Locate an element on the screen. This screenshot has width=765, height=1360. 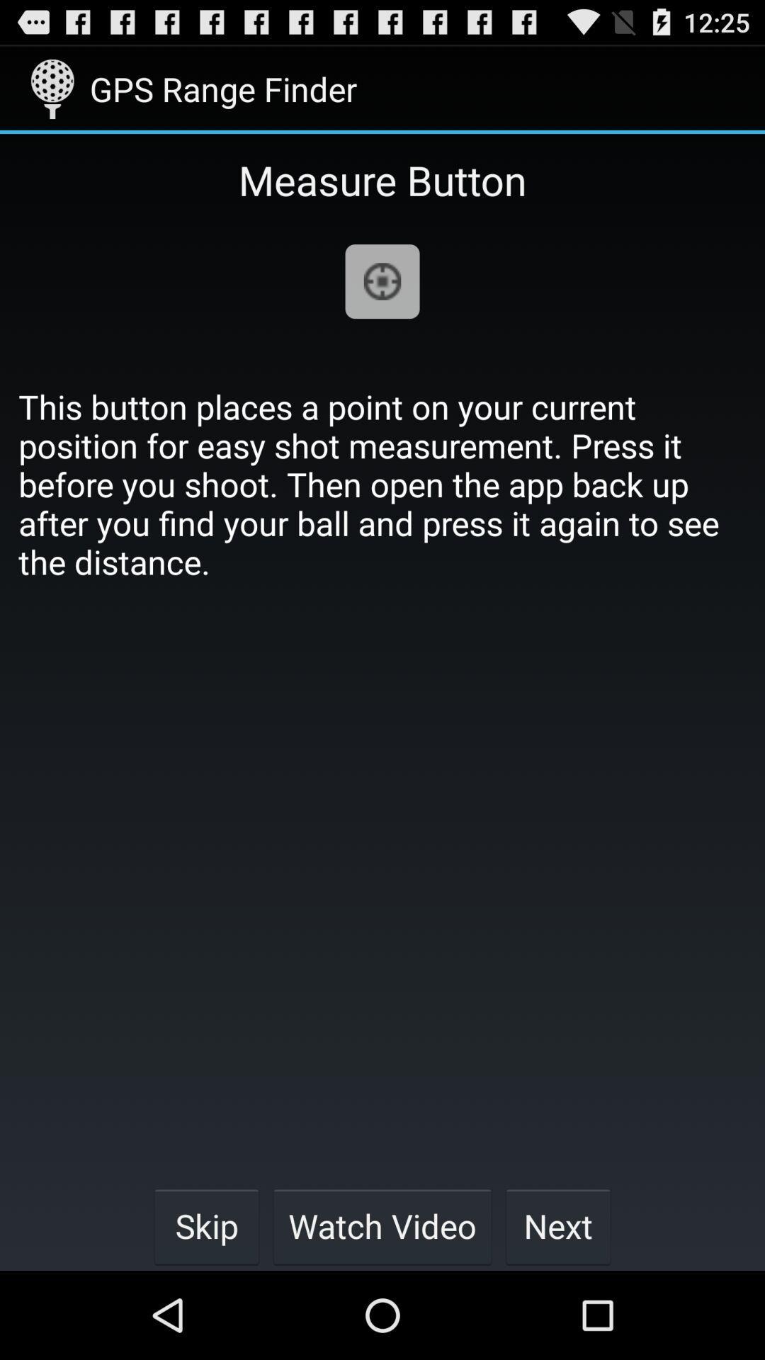
app below the measure button item is located at coordinates (382, 281).